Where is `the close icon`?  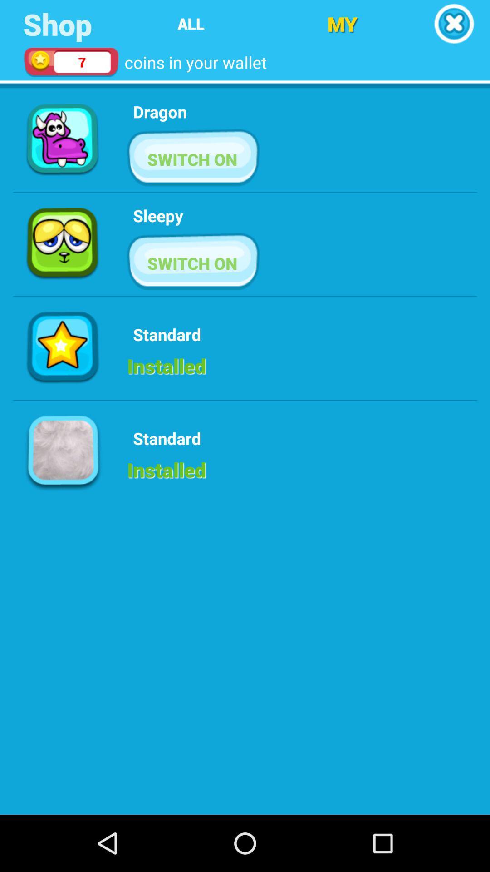
the close icon is located at coordinates (454, 25).